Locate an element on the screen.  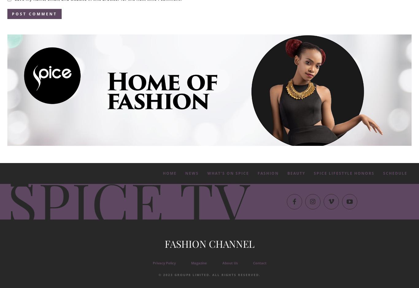
'SPICE TV' is located at coordinates (129, 200).